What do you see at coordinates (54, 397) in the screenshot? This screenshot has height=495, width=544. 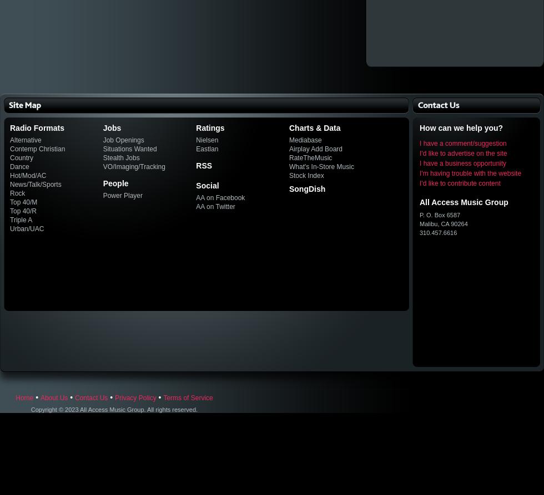 I see `'About Us'` at bounding box center [54, 397].